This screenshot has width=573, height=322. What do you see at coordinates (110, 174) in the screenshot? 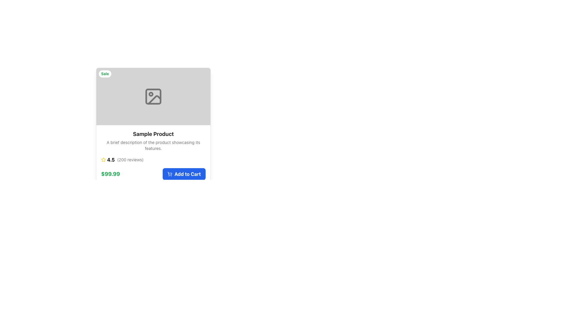
I see `the Text Label that indicates the price of the product, which is located to the left of the 'Add to Cart' button` at bounding box center [110, 174].